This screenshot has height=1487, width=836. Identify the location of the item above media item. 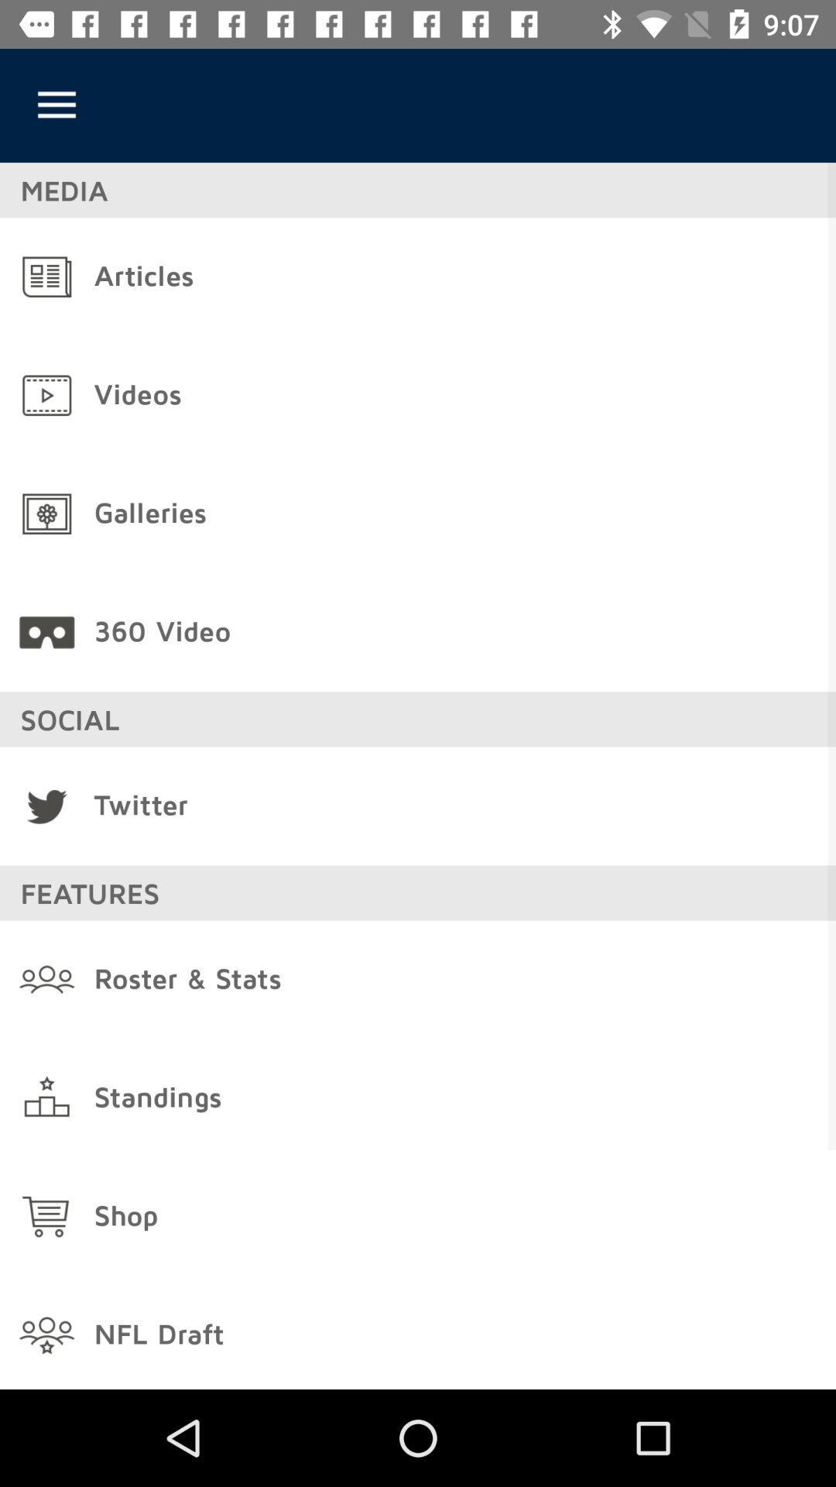
(56, 105).